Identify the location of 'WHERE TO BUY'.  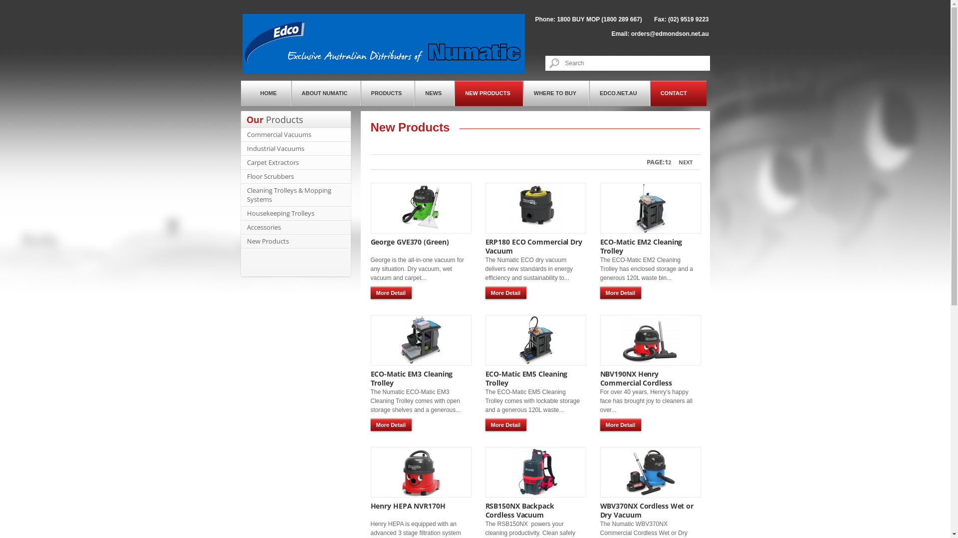
(555, 93).